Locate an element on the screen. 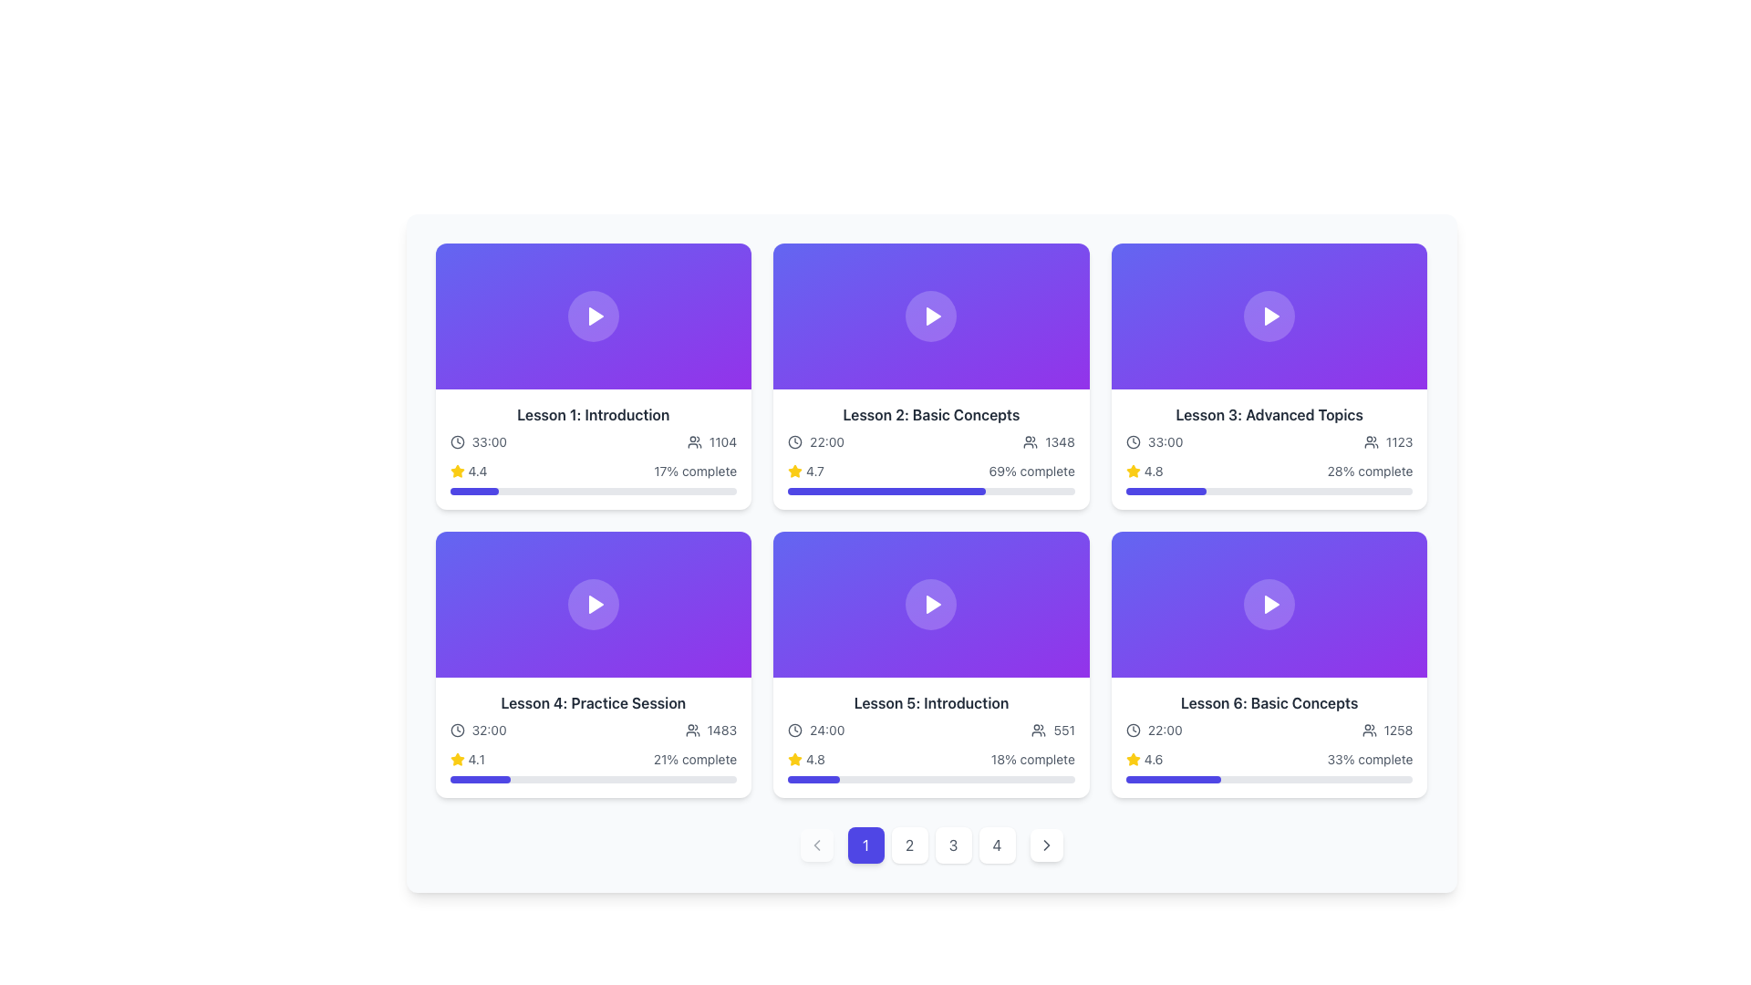  the play button for 'Lesson 3: Advanced Topics' to initiate playback is located at coordinates (1270, 316).